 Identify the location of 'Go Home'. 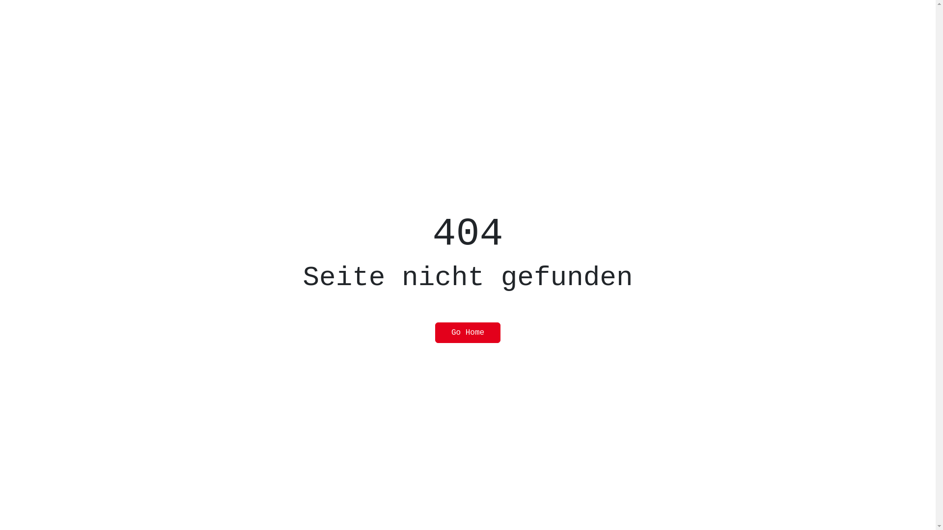
(467, 332).